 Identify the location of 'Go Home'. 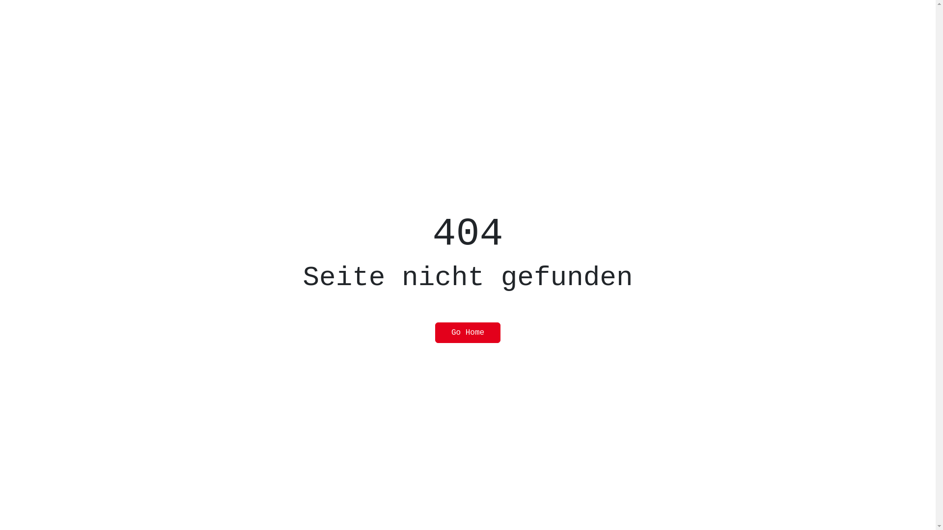
(467, 332).